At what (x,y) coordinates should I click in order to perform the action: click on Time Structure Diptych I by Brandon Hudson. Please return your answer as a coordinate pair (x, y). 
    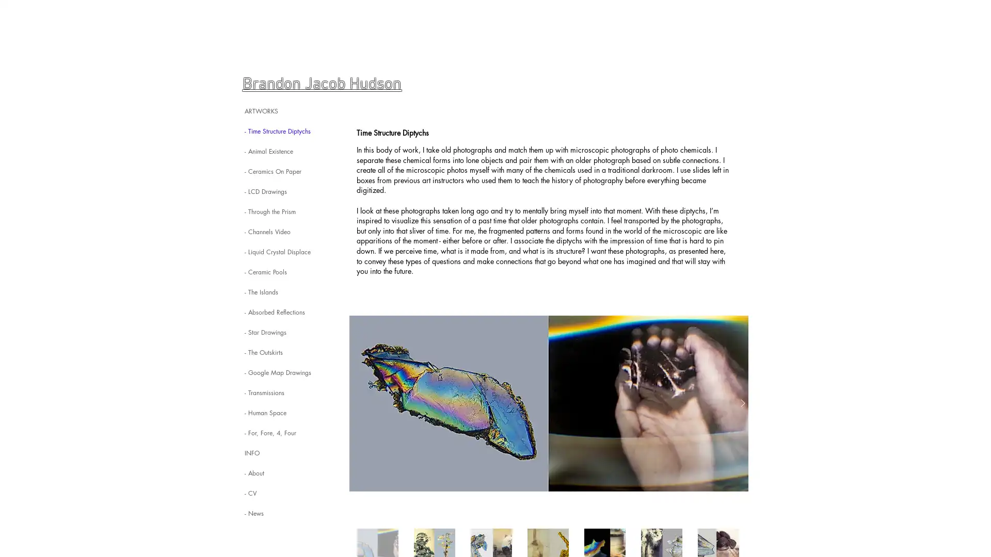
    Looking at the image, I should click on (548, 402).